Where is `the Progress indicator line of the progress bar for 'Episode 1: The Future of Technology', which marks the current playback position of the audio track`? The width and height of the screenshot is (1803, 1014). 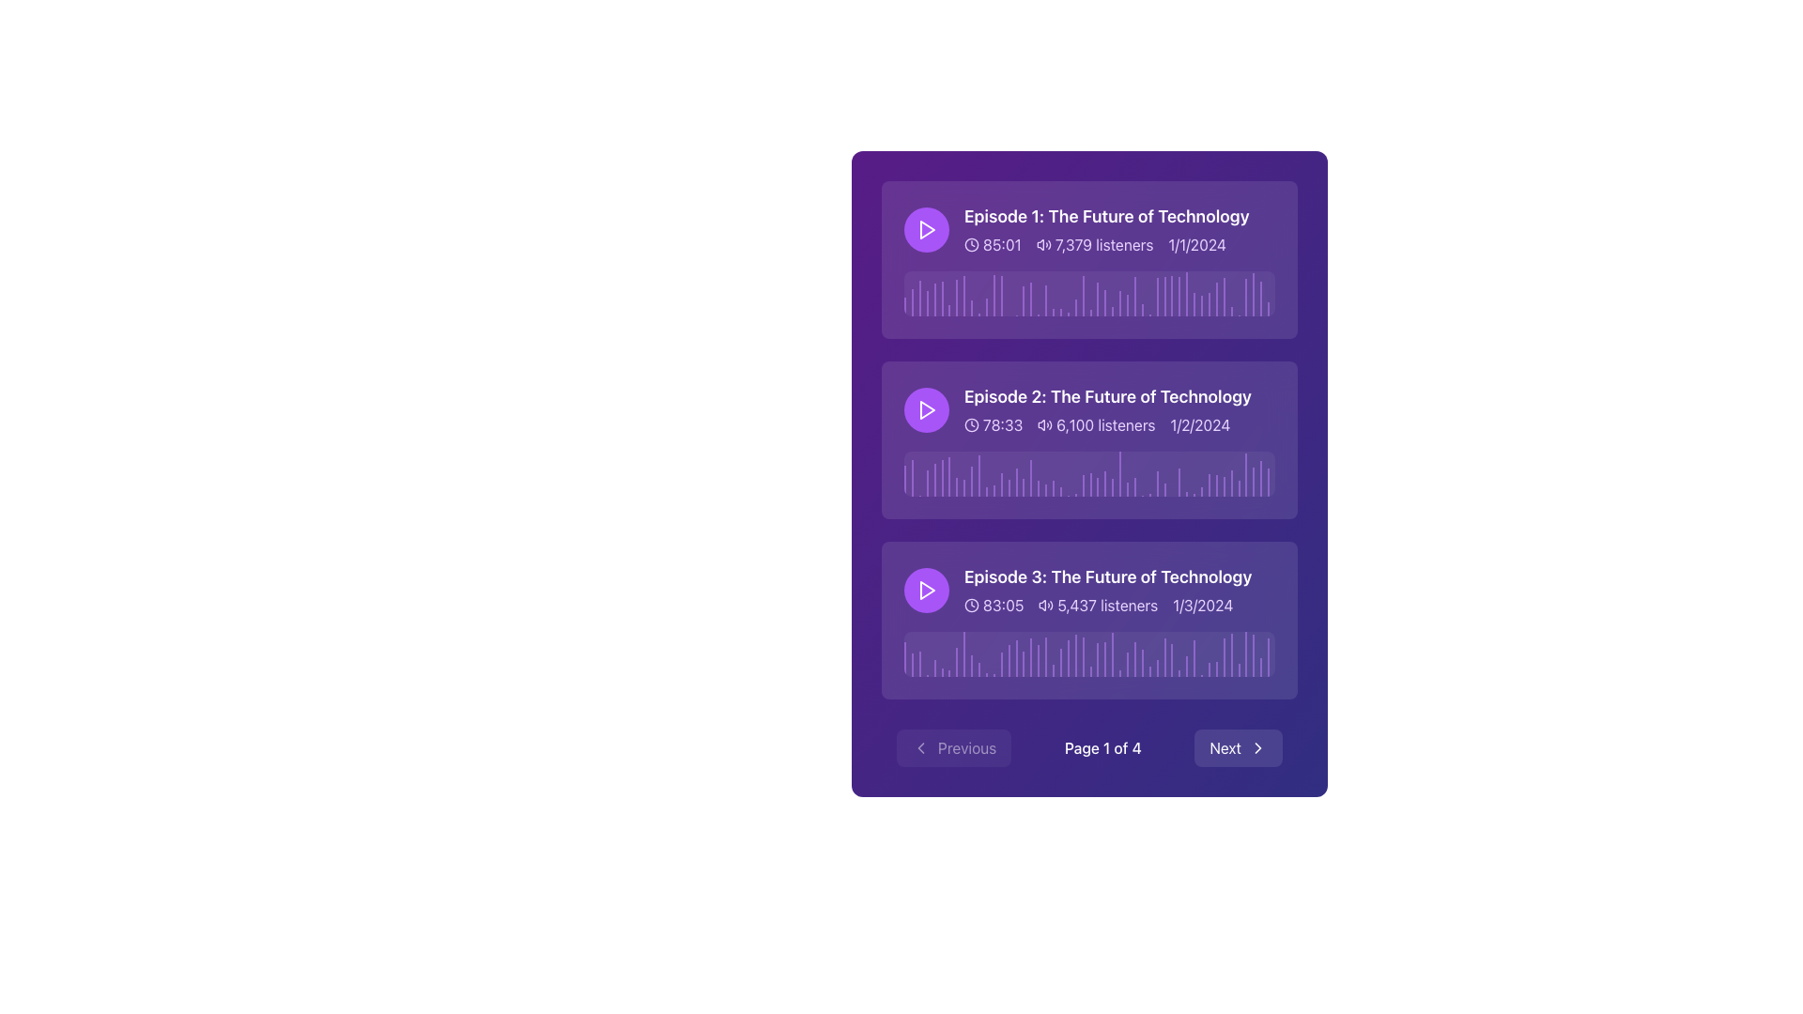
the Progress indicator line of the progress bar for 'Episode 1: The Future of Technology', which marks the current playback position of the audio track is located at coordinates (1179, 296).